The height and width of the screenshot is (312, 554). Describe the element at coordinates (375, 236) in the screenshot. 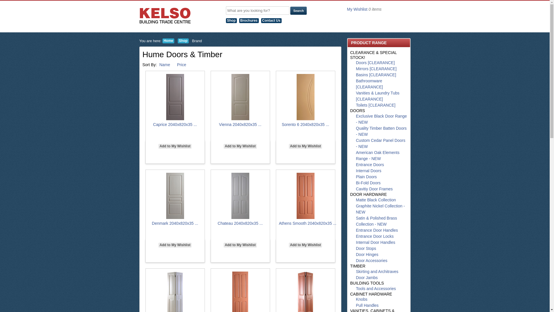

I see `'Entrance Door Locks'` at that location.